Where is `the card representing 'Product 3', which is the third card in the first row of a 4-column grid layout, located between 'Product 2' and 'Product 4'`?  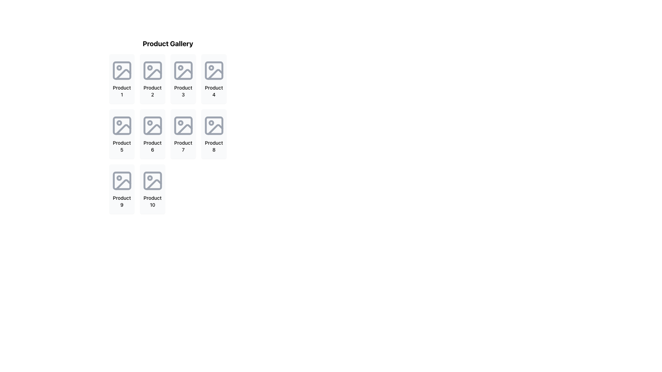 the card representing 'Product 3', which is the third card in the first row of a 4-column grid layout, located between 'Product 2' and 'Product 4' is located at coordinates (183, 78).